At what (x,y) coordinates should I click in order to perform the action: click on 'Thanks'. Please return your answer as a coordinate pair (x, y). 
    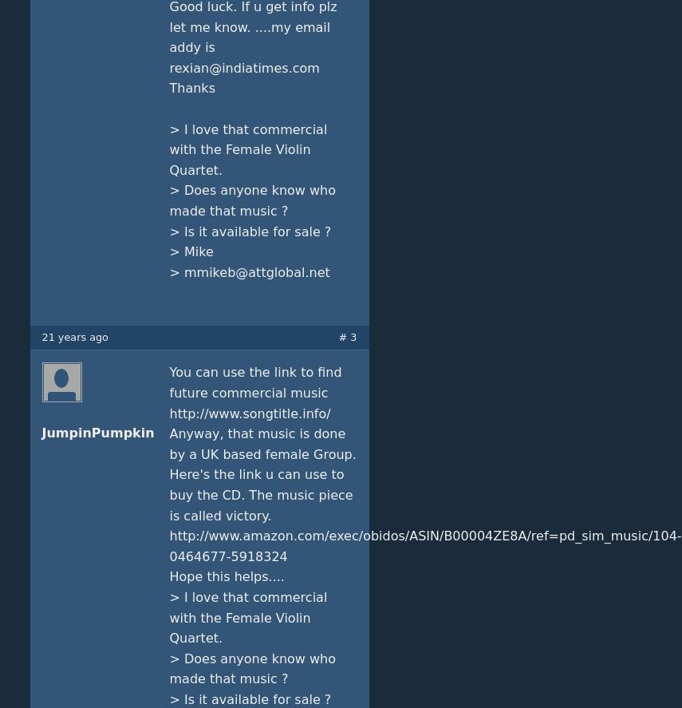
    Looking at the image, I should click on (191, 88).